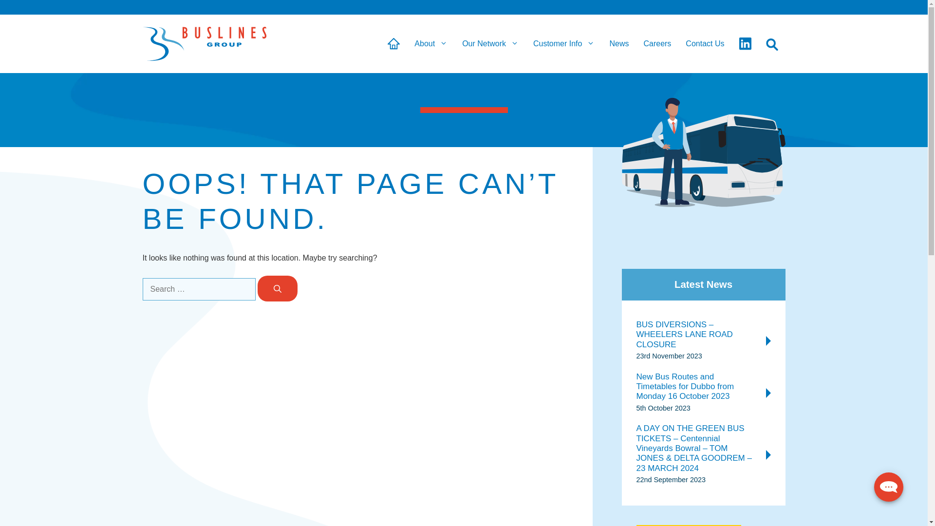 This screenshot has height=526, width=935. Describe the element at coordinates (705, 43) in the screenshot. I see `'Contact Us'` at that location.